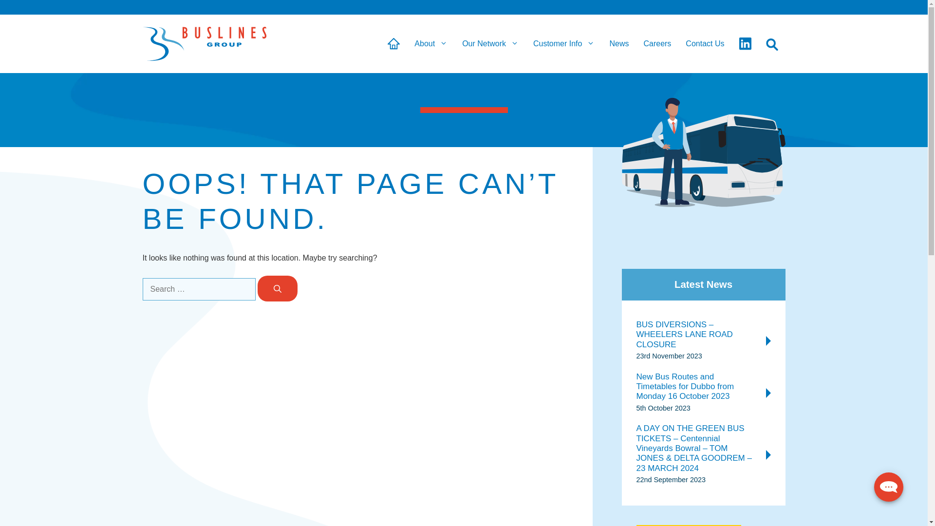 This screenshot has height=526, width=935. Describe the element at coordinates (705, 43) in the screenshot. I see `'Contact Us'` at that location.